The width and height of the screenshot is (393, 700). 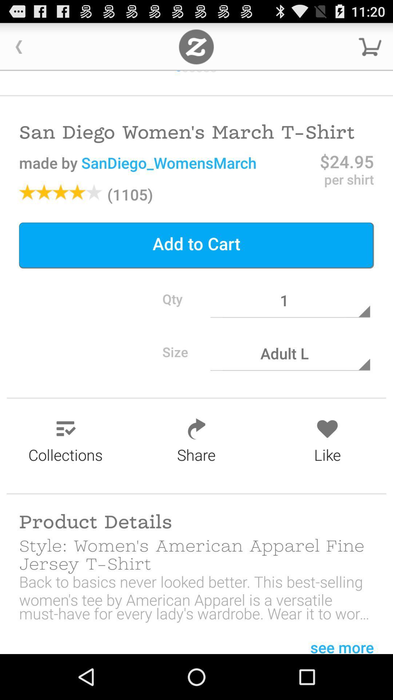 I want to click on the avatar icon, so click(x=178, y=76).